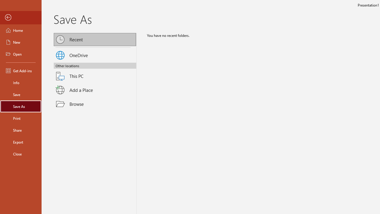 Image resolution: width=380 pixels, height=214 pixels. What do you see at coordinates (20, 106) in the screenshot?
I see `'Save As'` at bounding box center [20, 106].